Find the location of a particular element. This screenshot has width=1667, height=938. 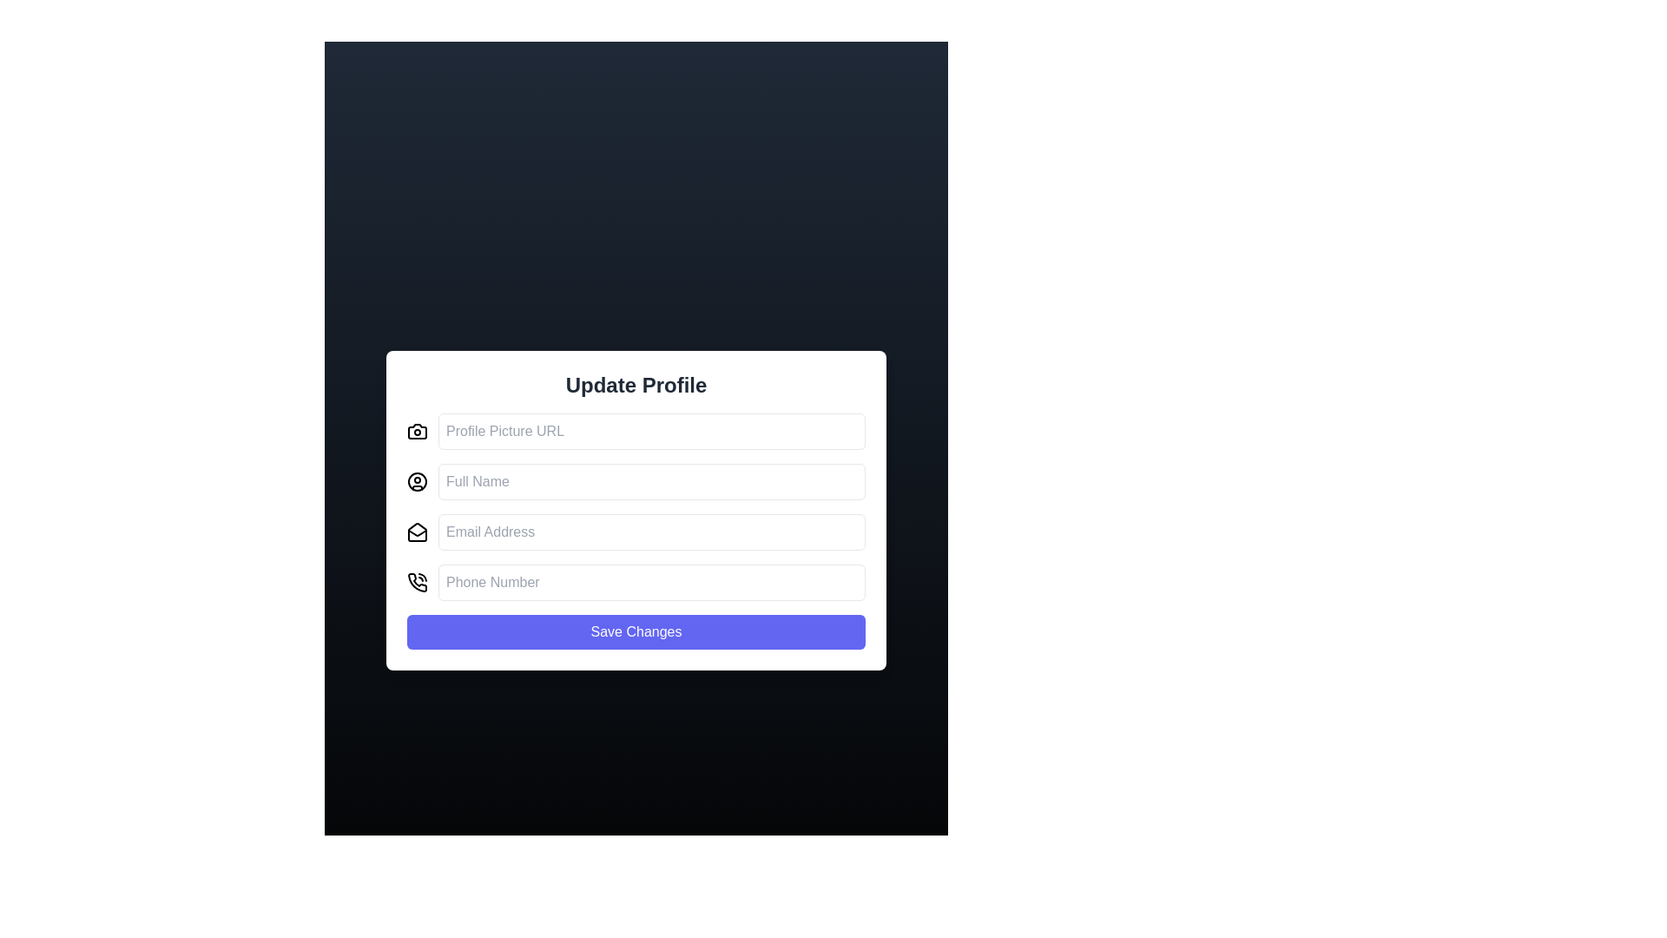

the user icon element, which is represented by a circular outline with a head and shoulders, located to the left of the 'Full Name' text input field is located at coordinates (417, 482).